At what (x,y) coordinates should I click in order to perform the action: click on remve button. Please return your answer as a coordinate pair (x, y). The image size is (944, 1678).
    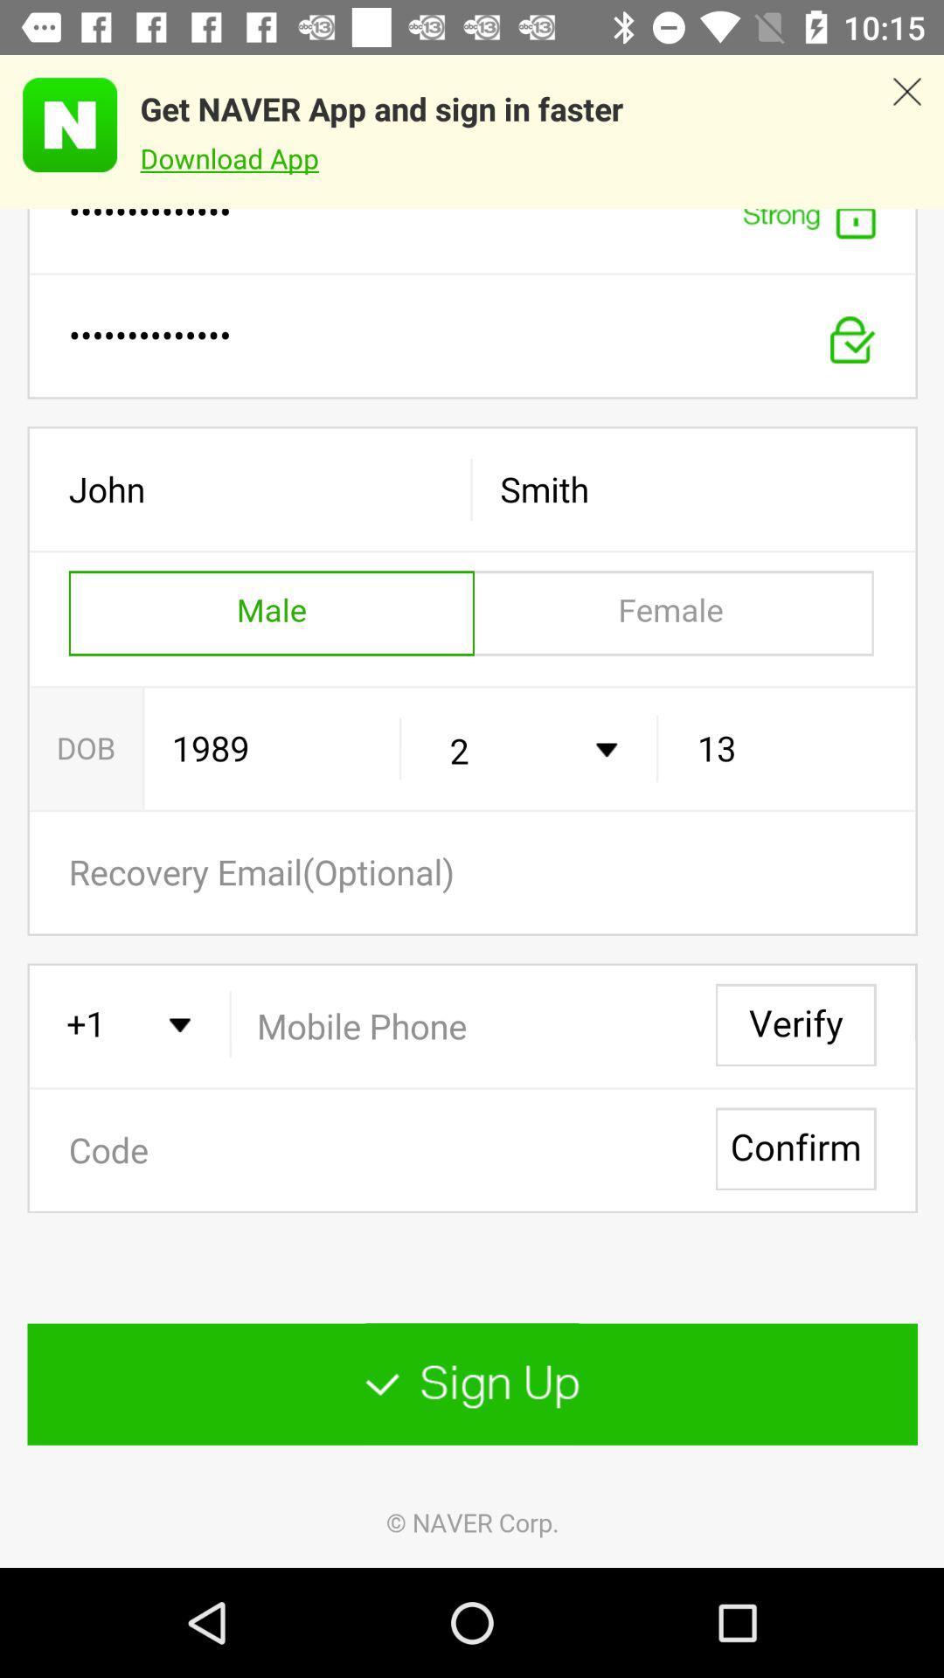
    Looking at the image, I should click on (906, 131).